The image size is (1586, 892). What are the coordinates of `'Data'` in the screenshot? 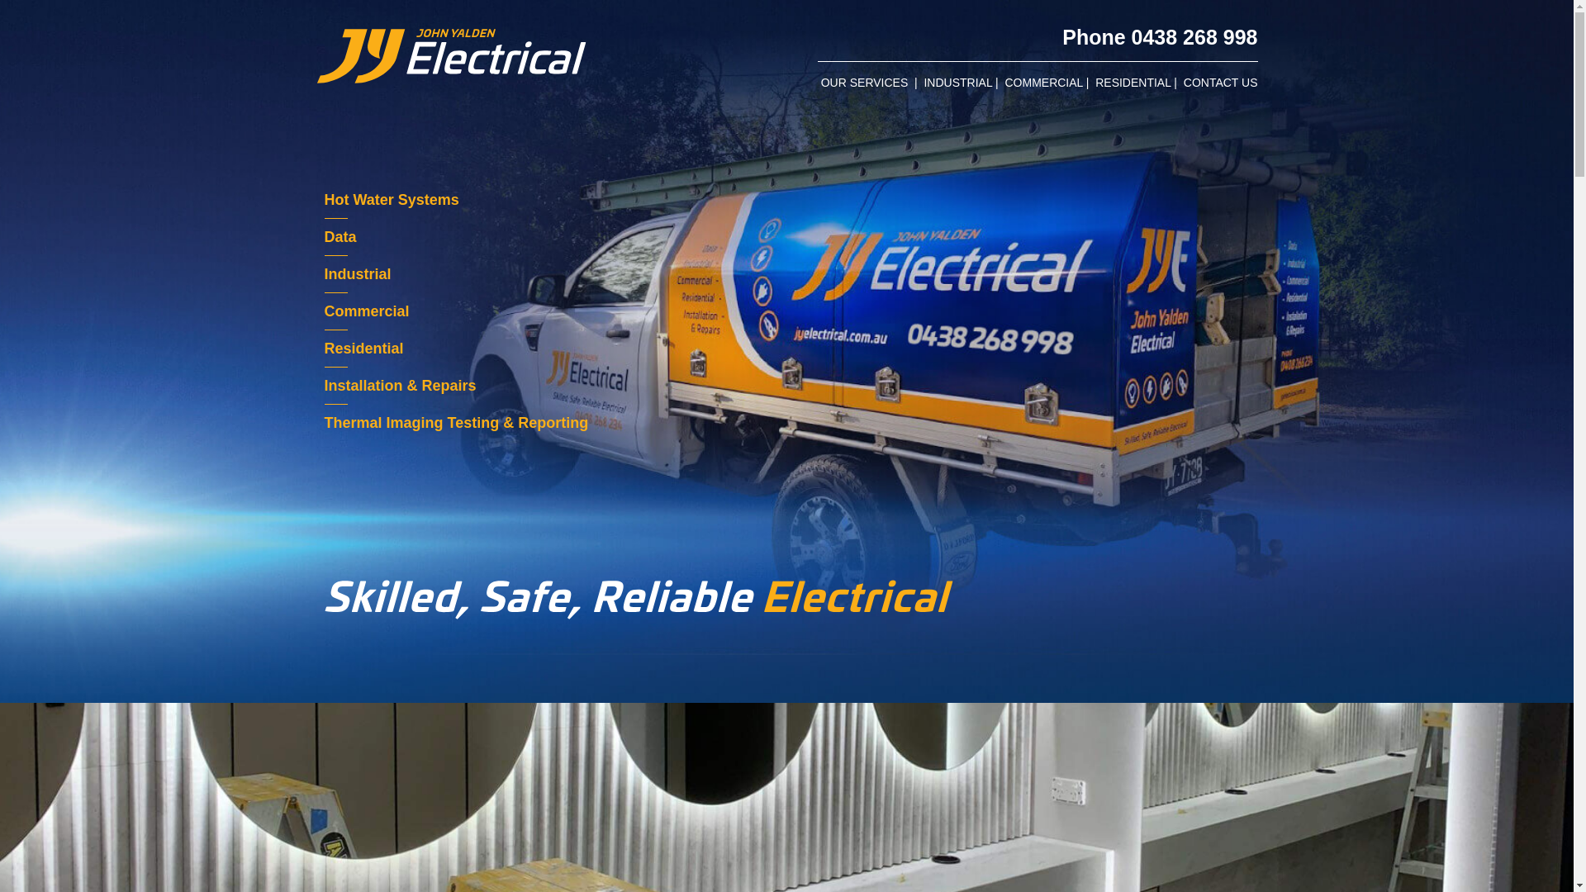 It's located at (324, 236).